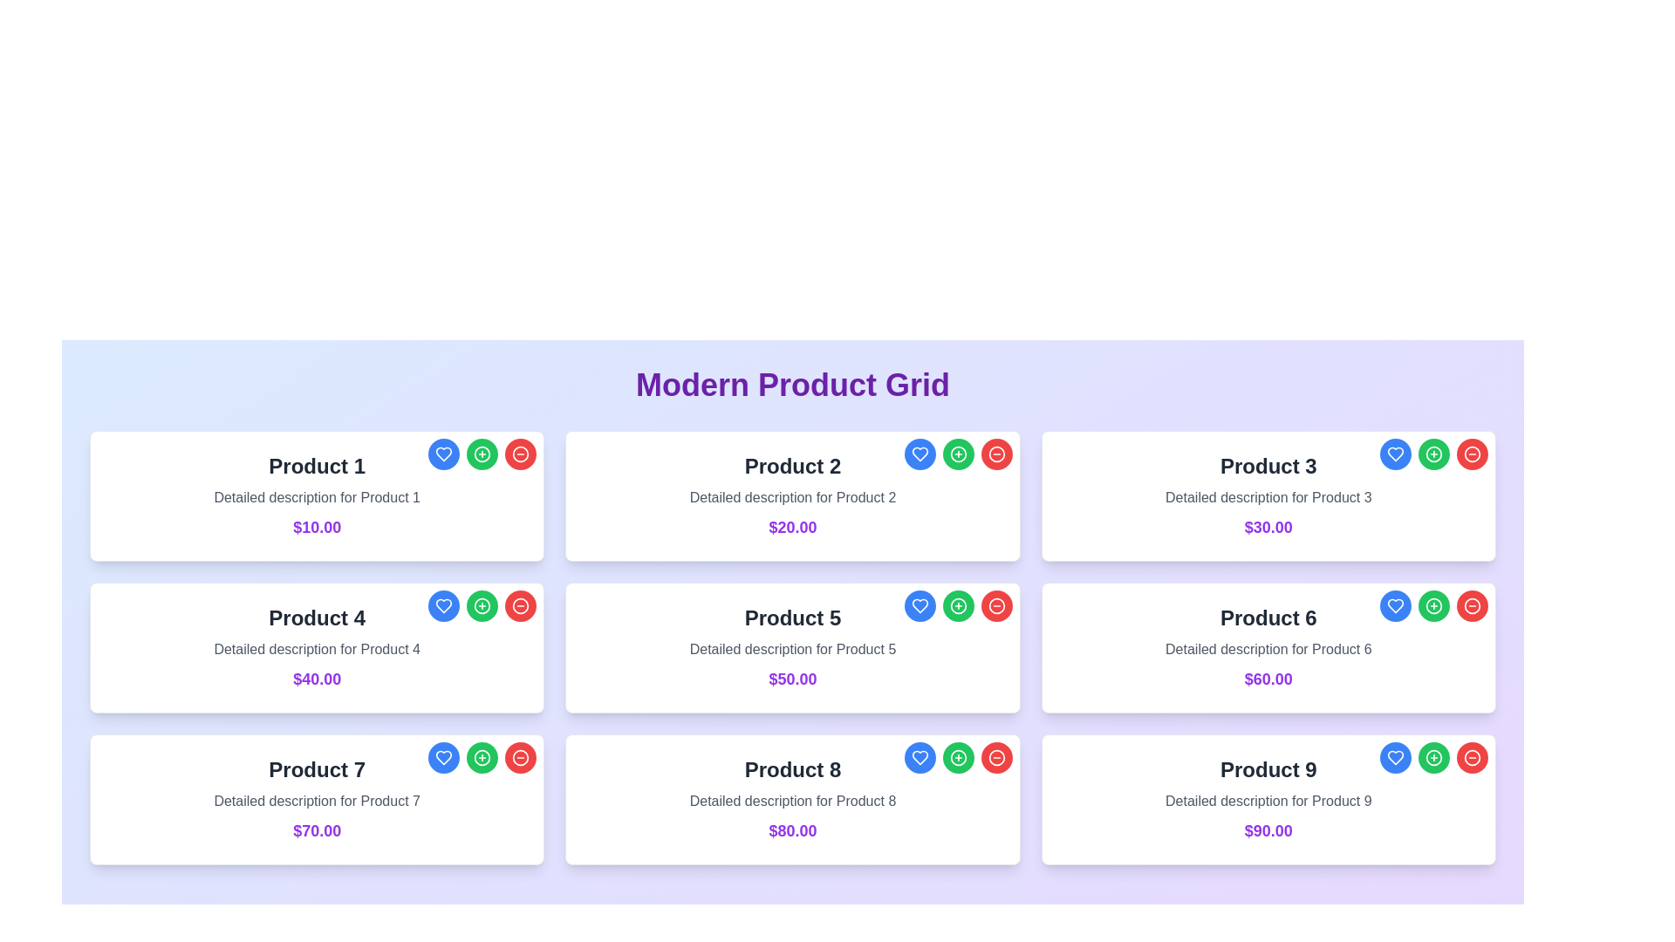  What do you see at coordinates (444, 604) in the screenshot?
I see `the heart icon in the top-right corner of the 'Product 8' card` at bounding box center [444, 604].